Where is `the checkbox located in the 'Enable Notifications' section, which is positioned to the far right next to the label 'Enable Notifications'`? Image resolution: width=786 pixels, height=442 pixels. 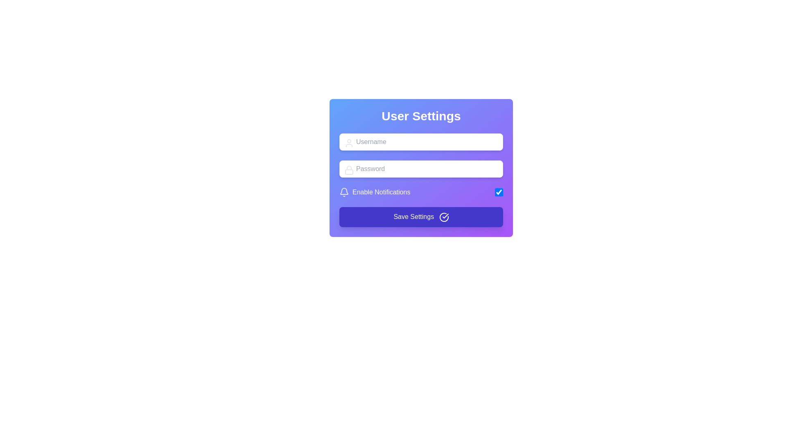
the checkbox located in the 'Enable Notifications' section, which is positioned to the far right next to the label 'Enable Notifications' is located at coordinates (499, 192).